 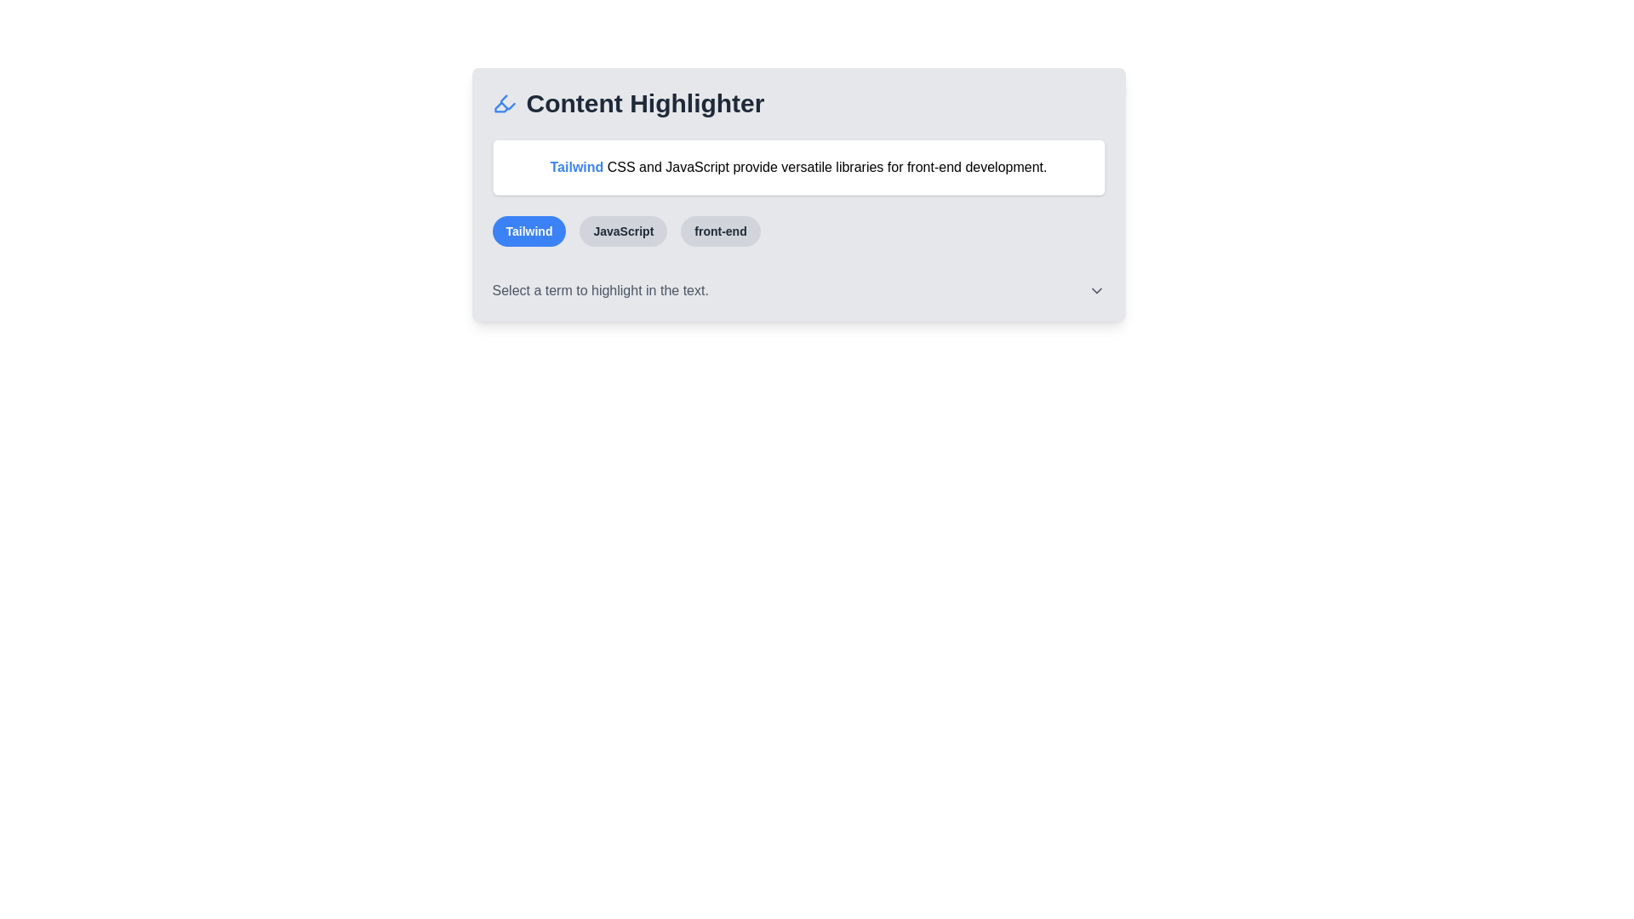 What do you see at coordinates (622, 231) in the screenshot?
I see `the second button labeled 'JavaScript'` at bounding box center [622, 231].